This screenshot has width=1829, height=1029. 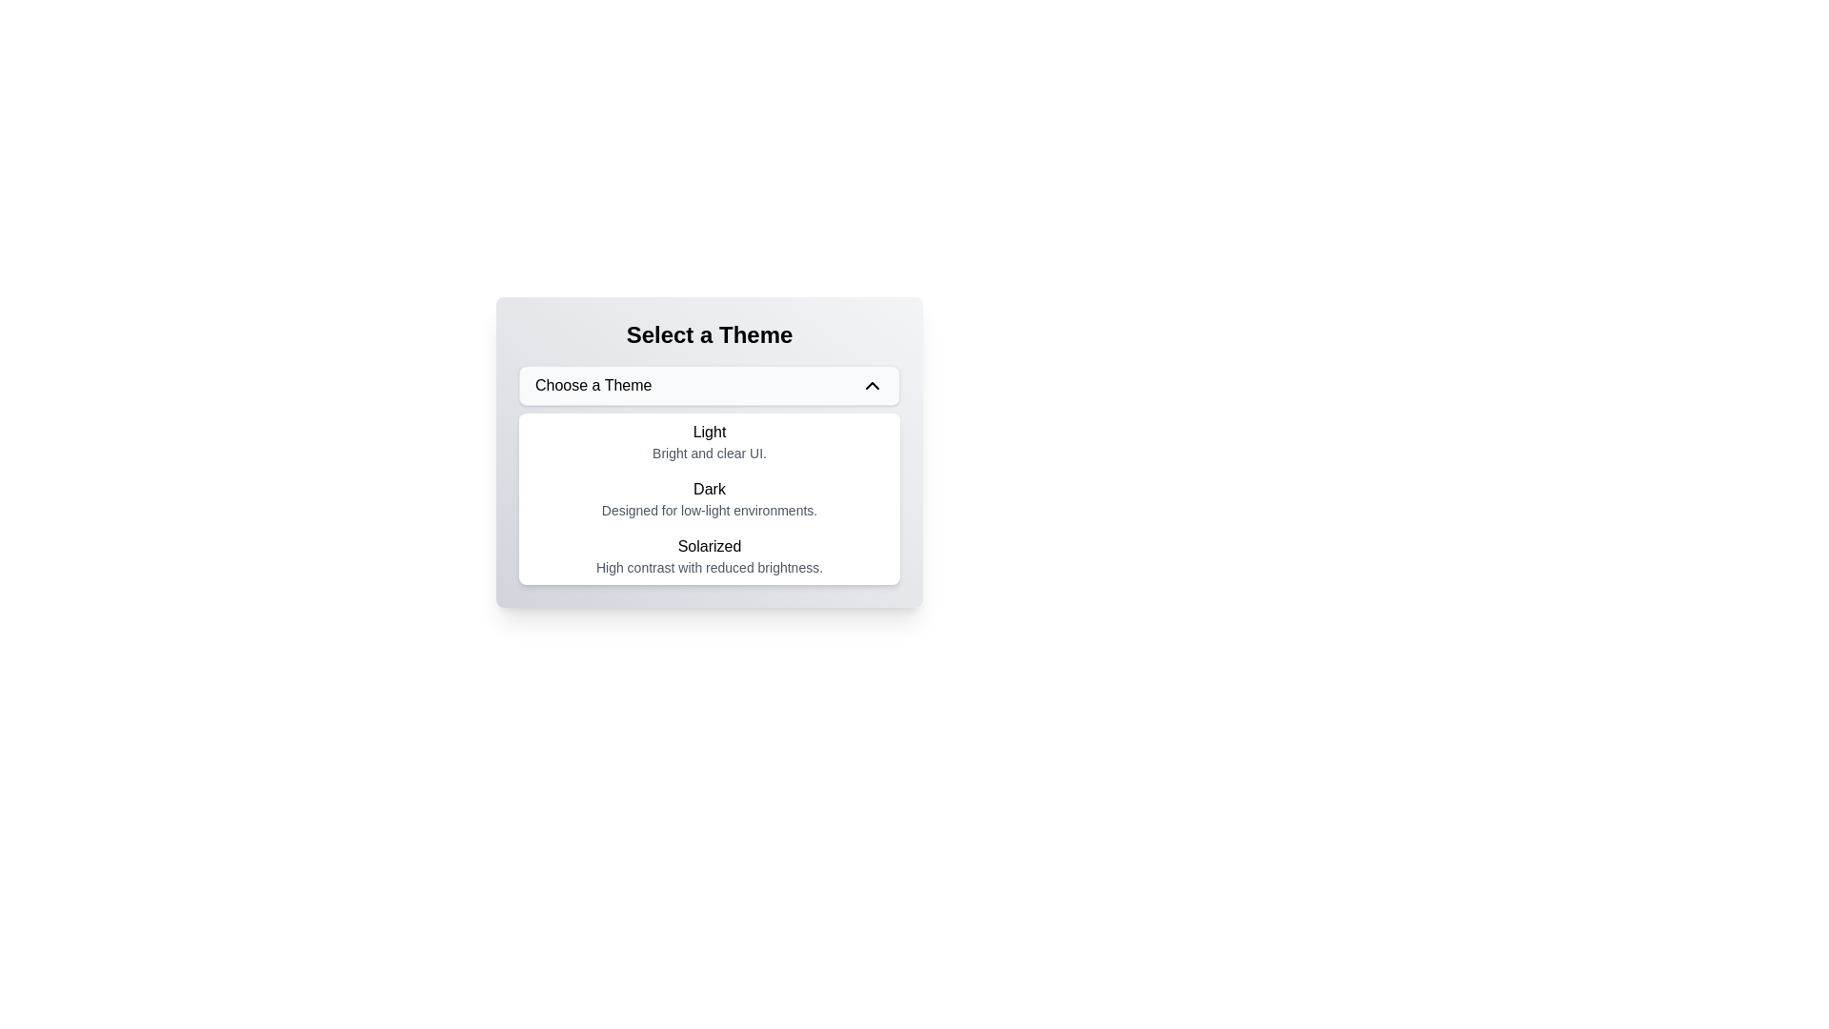 I want to click on the informative text label that states 'Designed for low-light environments.' located below the 'Dark' title in the theme selection panel, so click(x=708, y=510).